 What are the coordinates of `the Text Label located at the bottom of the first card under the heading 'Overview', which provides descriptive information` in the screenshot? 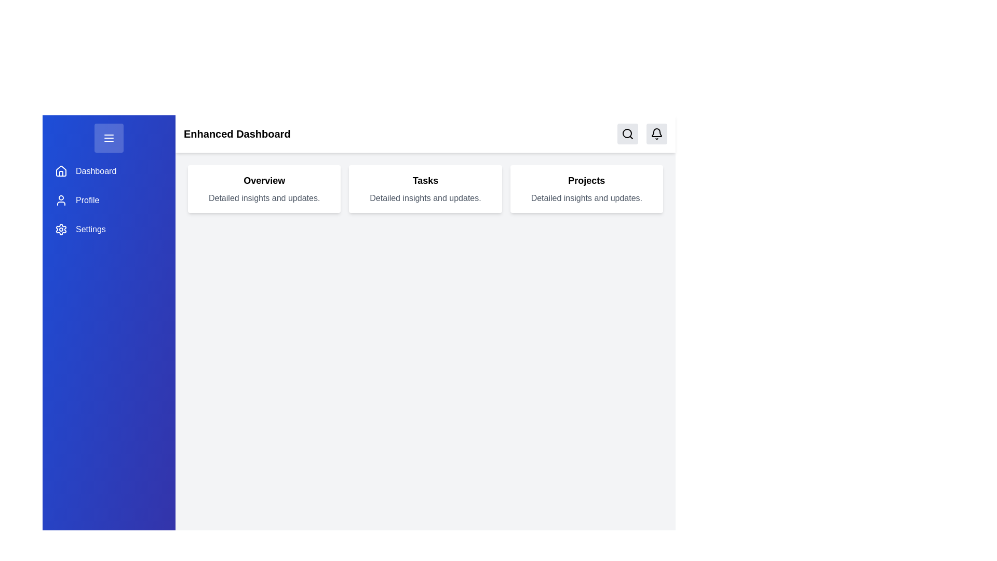 It's located at (264, 198).